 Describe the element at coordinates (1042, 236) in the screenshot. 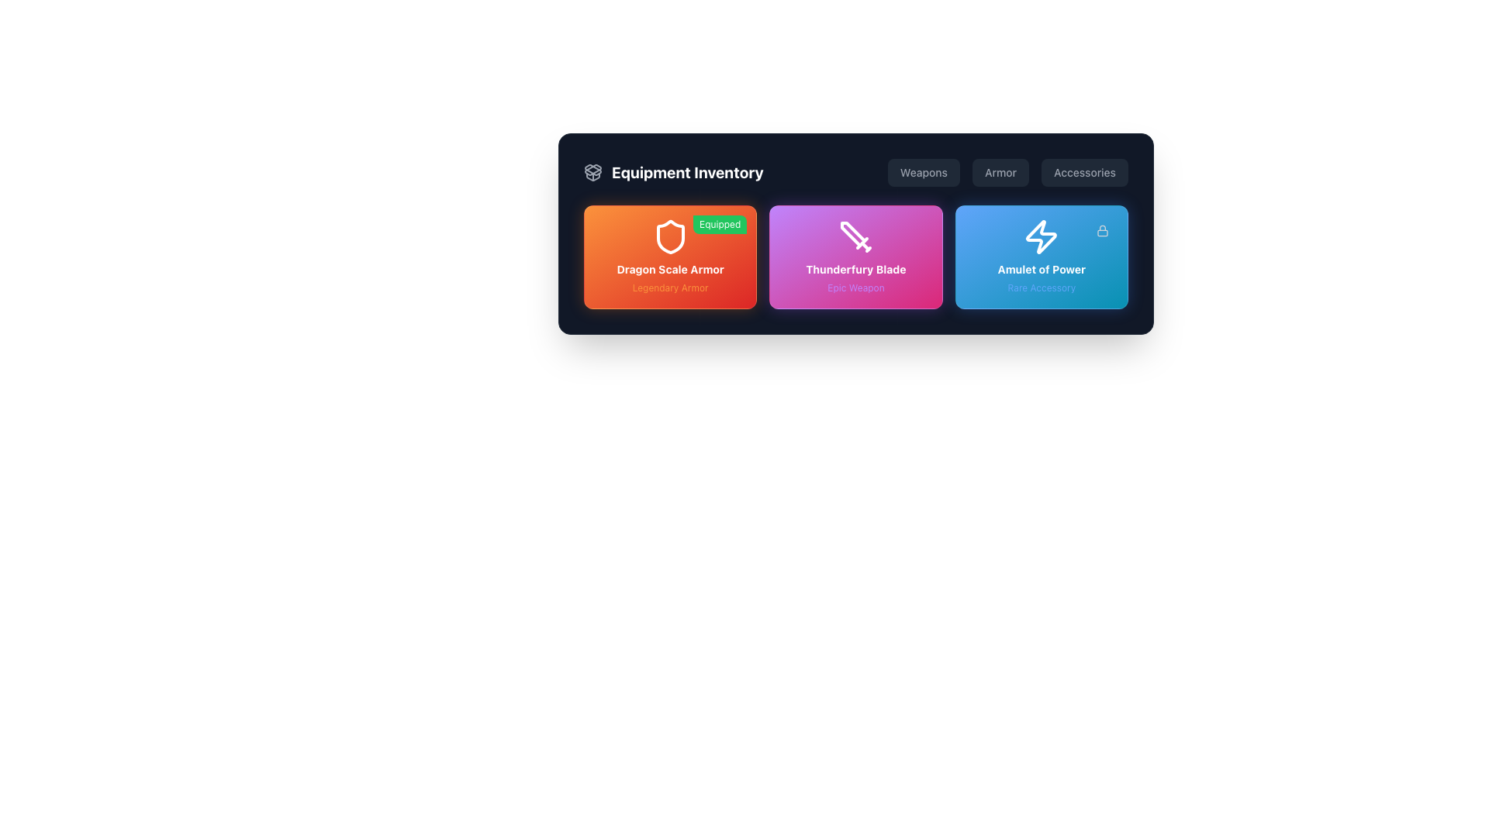

I see `the lightning bolt-shaped icon with a white outline located in the center of the blue rectangular card labeled 'Amulet of Power'` at that location.